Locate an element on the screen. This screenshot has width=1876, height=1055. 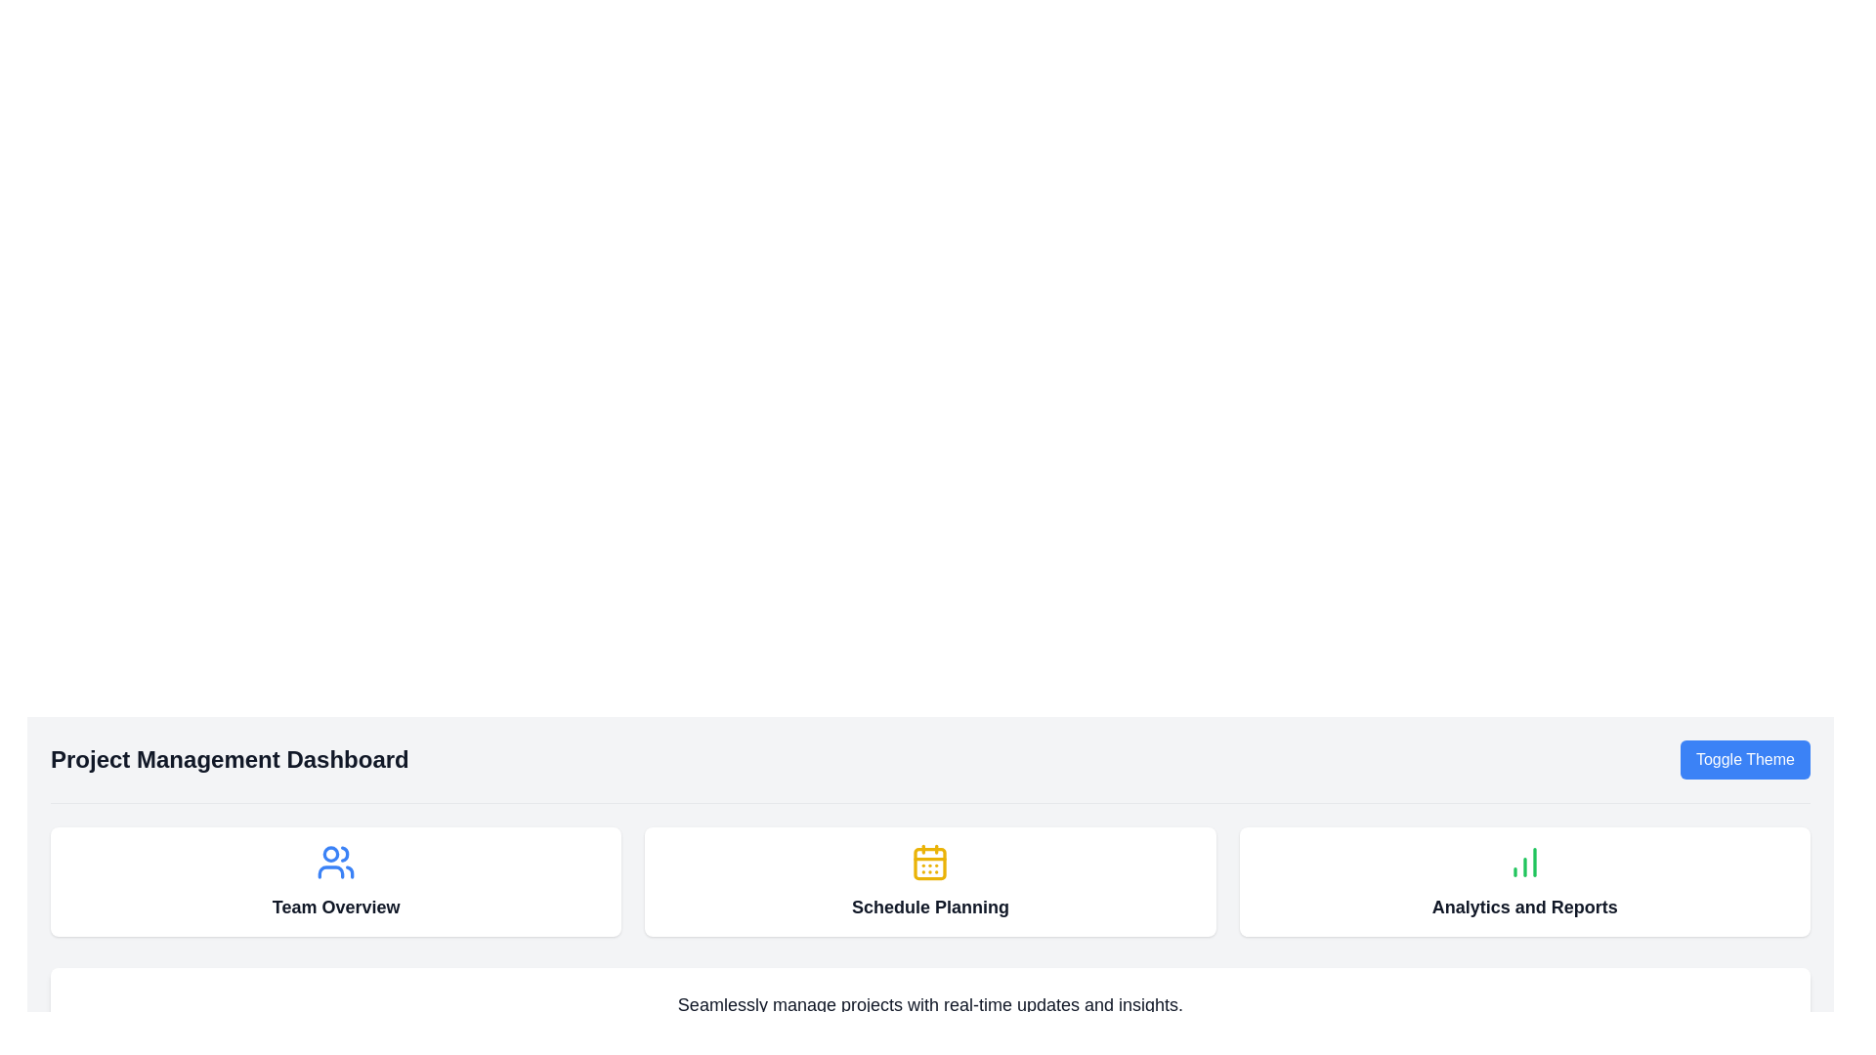
the 'Team Overview' icon, which is located at the center top of its rectangular card, to allow users to identify and navigate to this section is located at coordinates (336, 862).